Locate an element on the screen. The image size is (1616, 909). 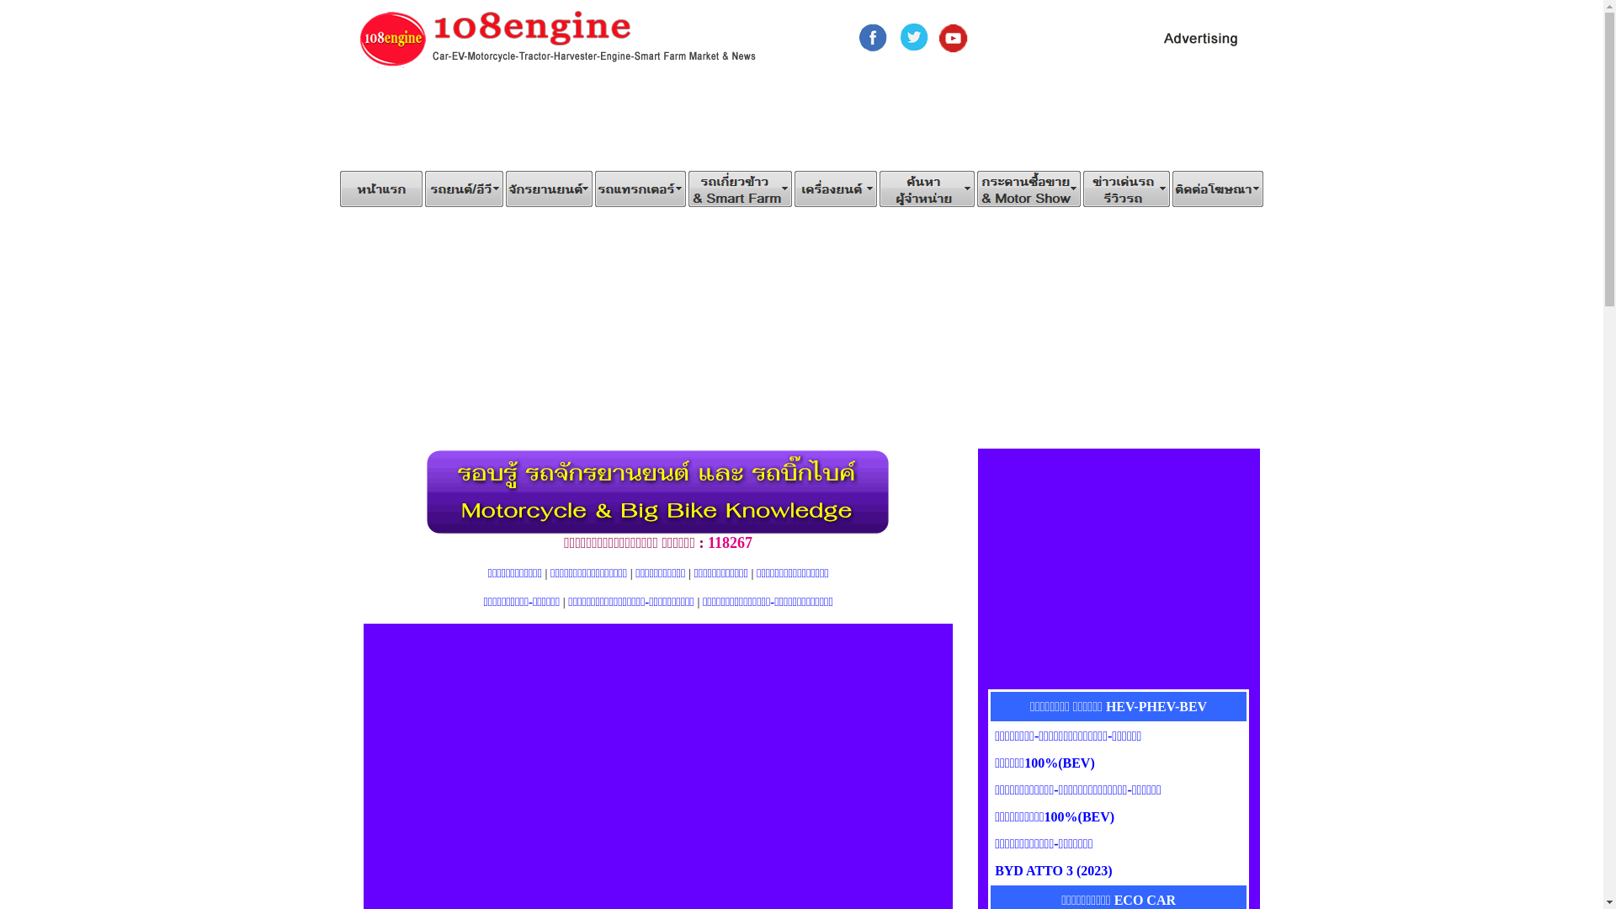
'FarmTractors' is located at coordinates (593, 189).